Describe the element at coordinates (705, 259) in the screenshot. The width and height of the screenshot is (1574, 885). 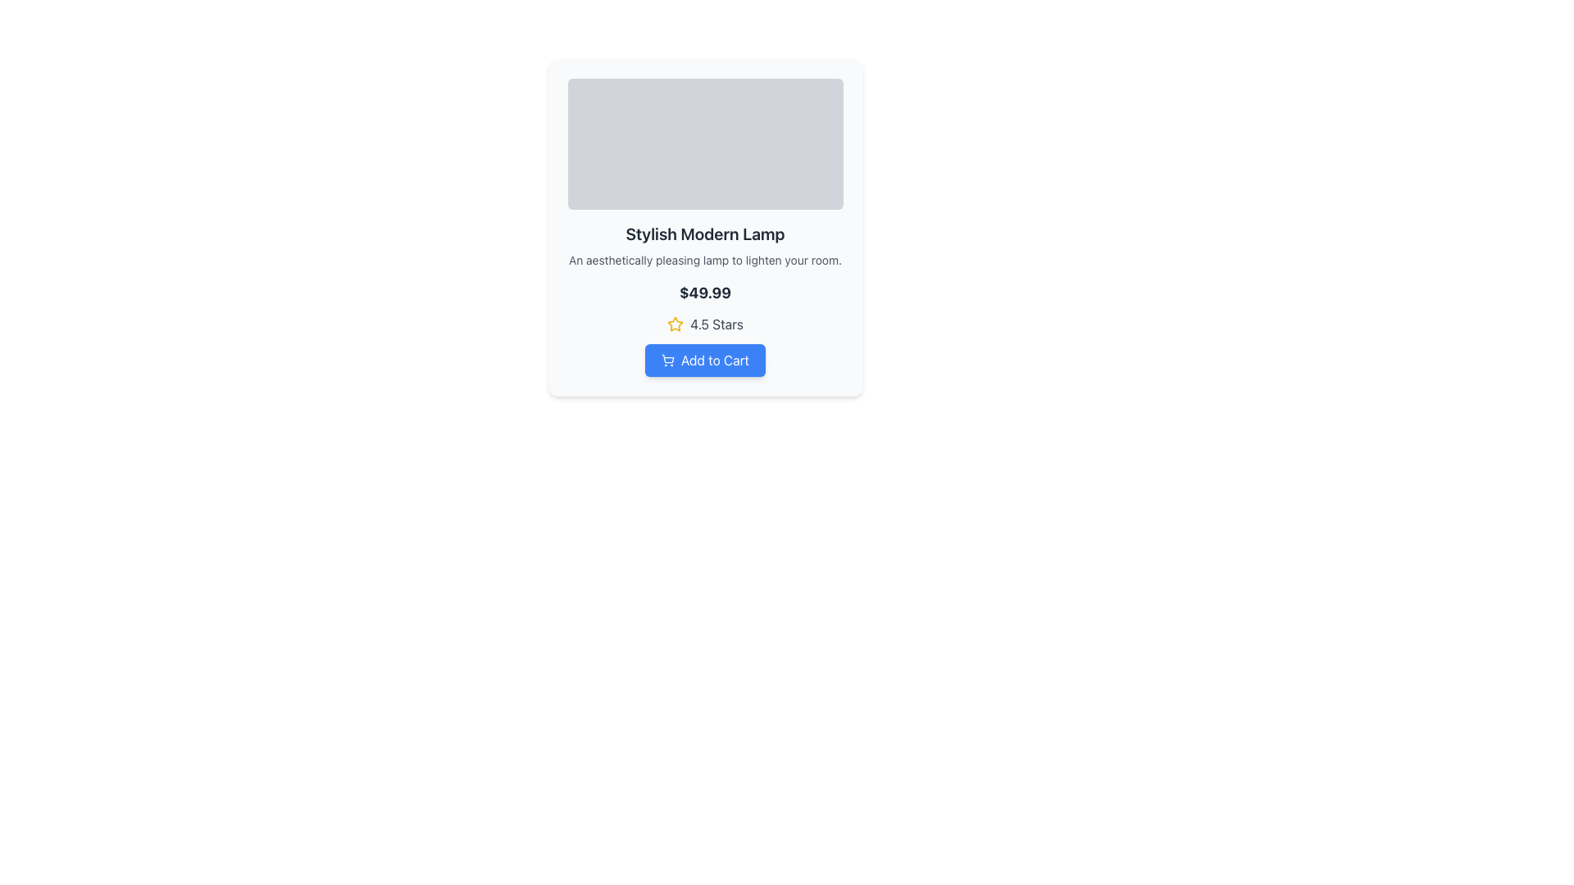
I see `the text snippet reading 'An aesthetically pleasing lamp to lighten your room.', which is styled in gray and positioned below the title 'Stylish Modern Lamp'` at that location.